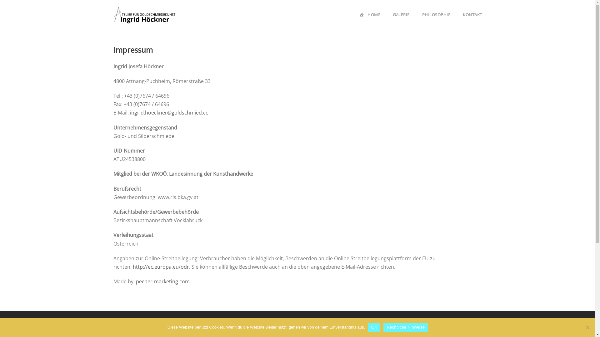 The height and width of the screenshot is (337, 600). What do you see at coordinates (370, 20) in the screenshot?
I see `'HOME'` at bounding box center [370, 20].